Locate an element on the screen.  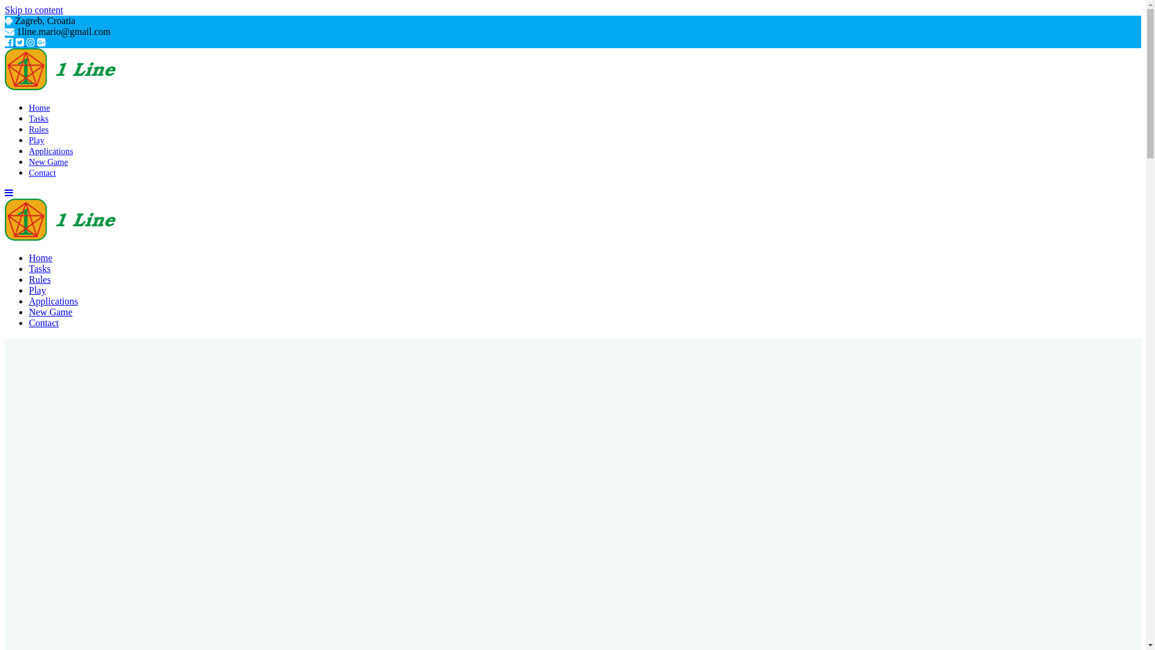
'Applications' is located at coordinates (51, 150).